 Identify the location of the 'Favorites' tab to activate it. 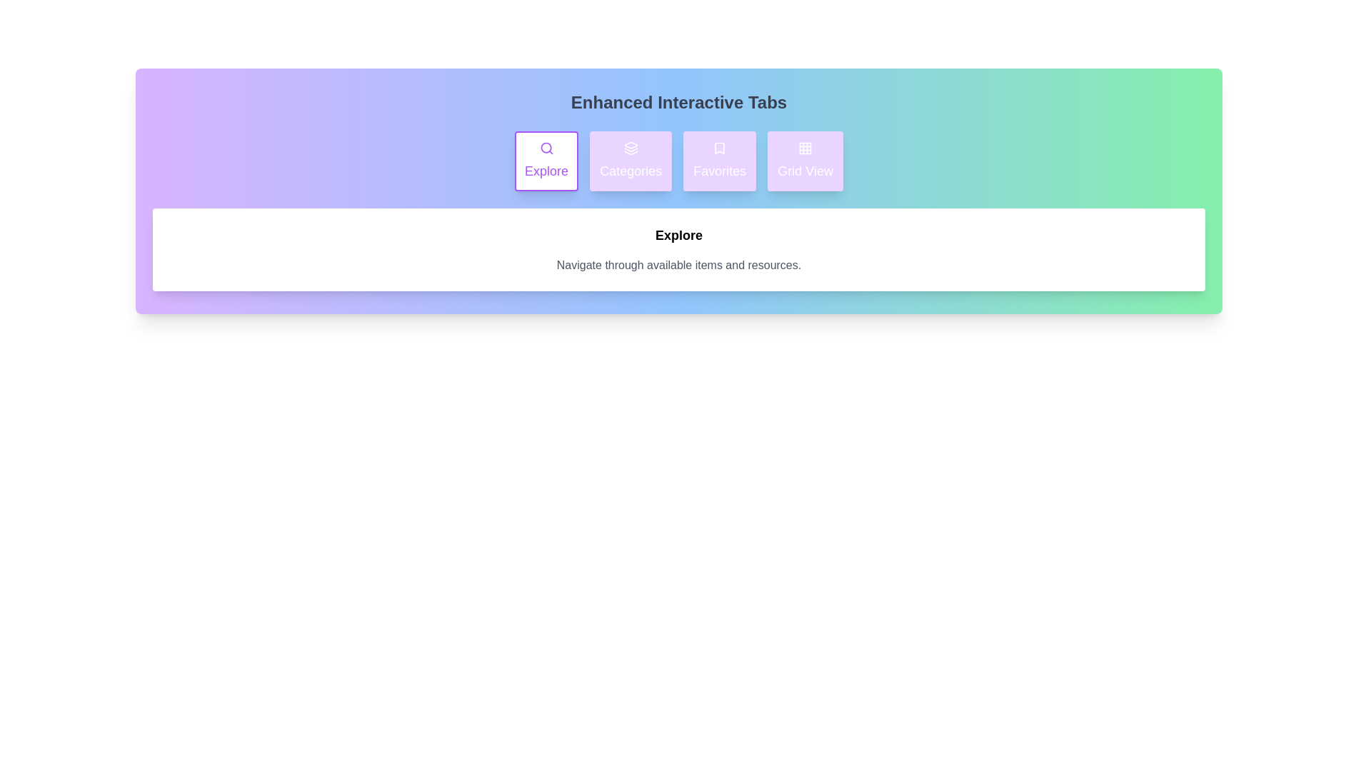
(720, 161).